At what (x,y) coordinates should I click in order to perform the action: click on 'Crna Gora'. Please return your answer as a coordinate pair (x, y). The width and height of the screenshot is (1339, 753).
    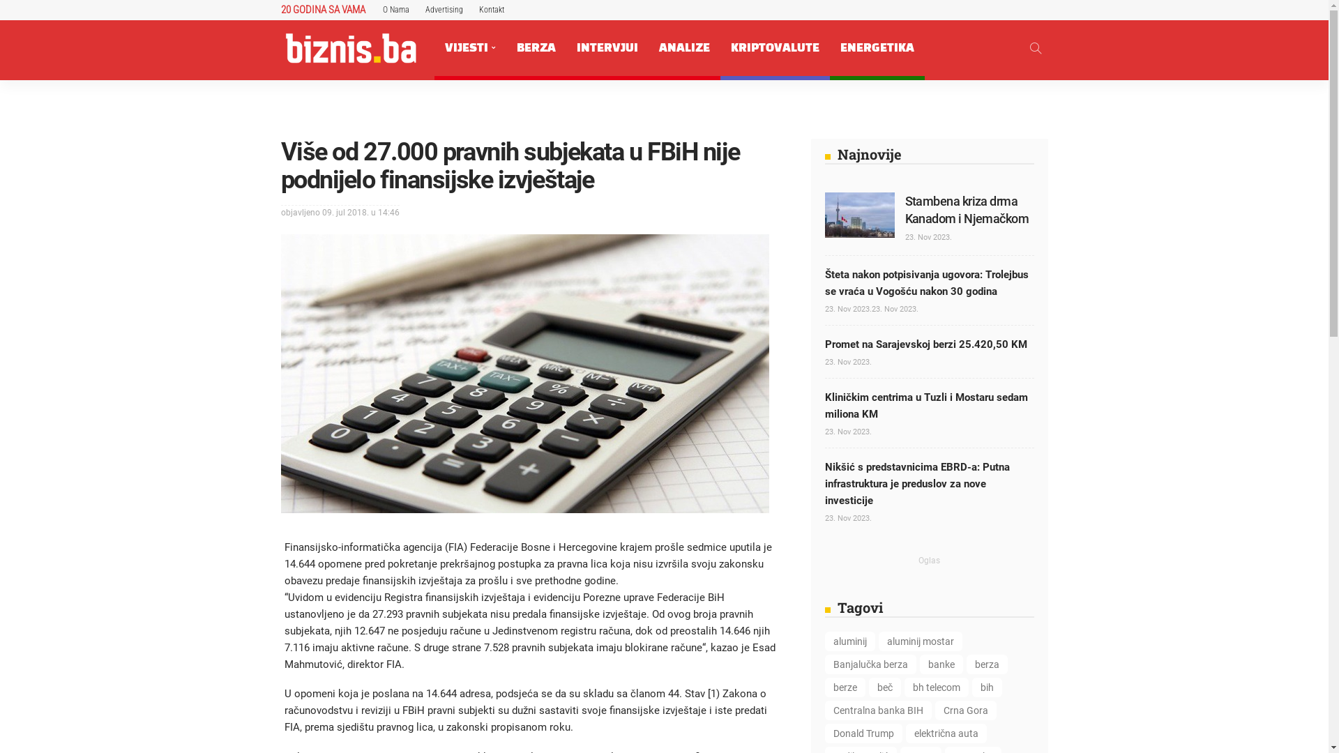
    Looking at the image, I should click on (964, 710).